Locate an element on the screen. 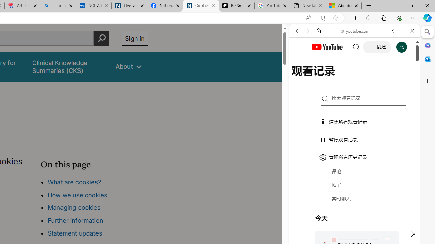  'Search Filter, Search Tools' is located at coordinates (371, 77).